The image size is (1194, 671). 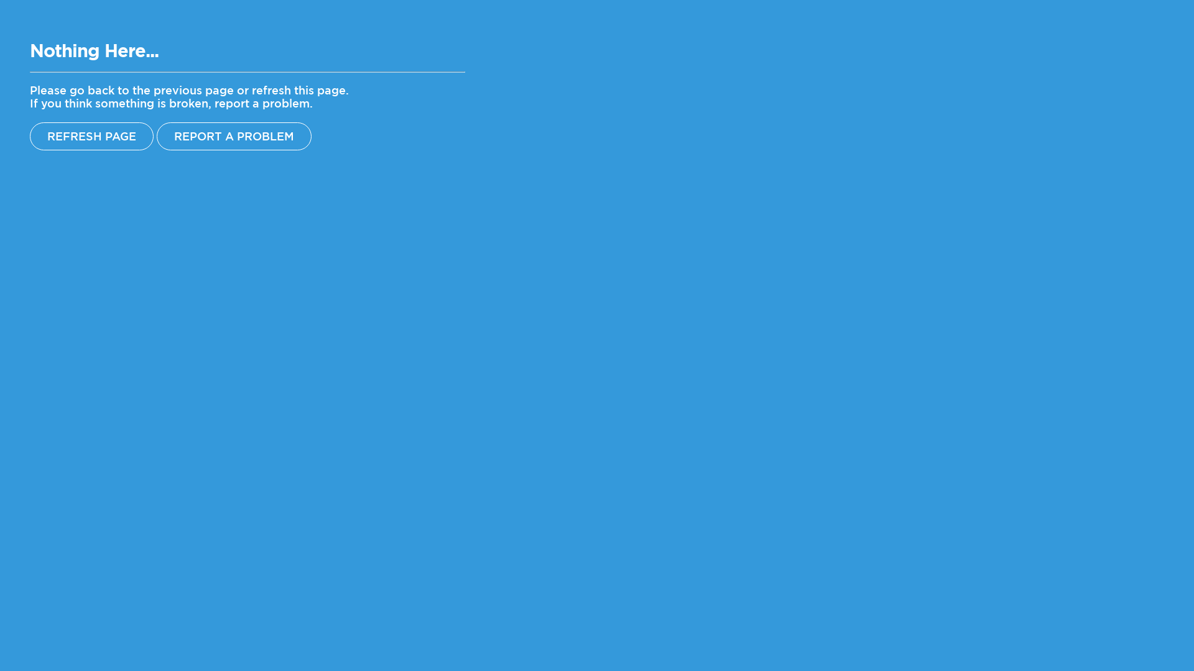 I want to click on 'REPORT A PROBLEM', so click(x=234, y=136).